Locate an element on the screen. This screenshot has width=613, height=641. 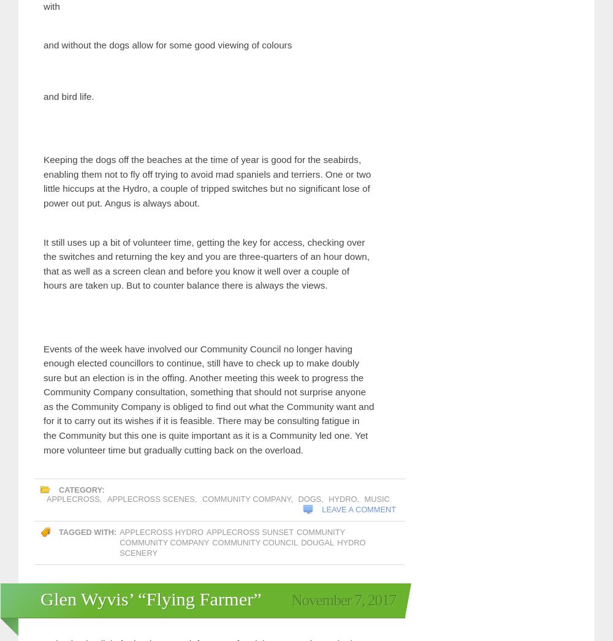
'Abroad' is located at coordinates (123, 459).